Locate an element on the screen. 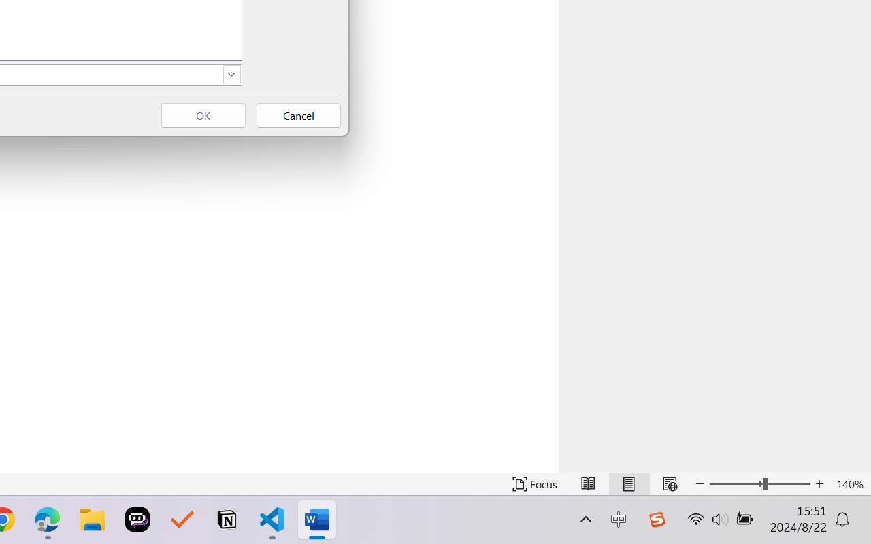 The height and width of the screenshot is (544, 871). 'Cancel' is located at coordinates (298, 115).